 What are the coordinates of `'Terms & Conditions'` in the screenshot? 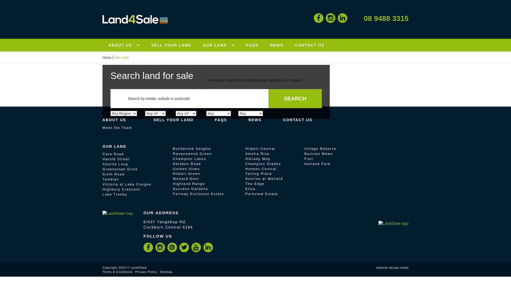 It's located at (102, 272).